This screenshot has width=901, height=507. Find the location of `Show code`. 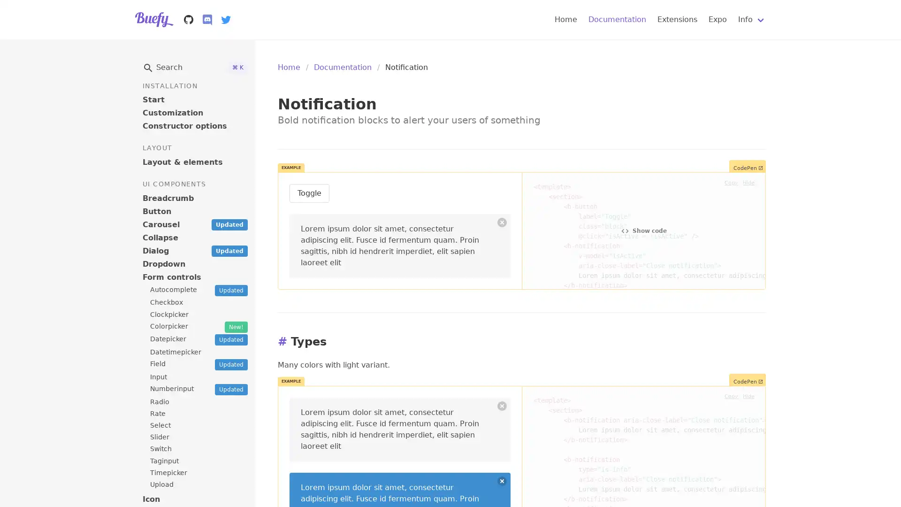

Show code is located at coordinates (643, 231).